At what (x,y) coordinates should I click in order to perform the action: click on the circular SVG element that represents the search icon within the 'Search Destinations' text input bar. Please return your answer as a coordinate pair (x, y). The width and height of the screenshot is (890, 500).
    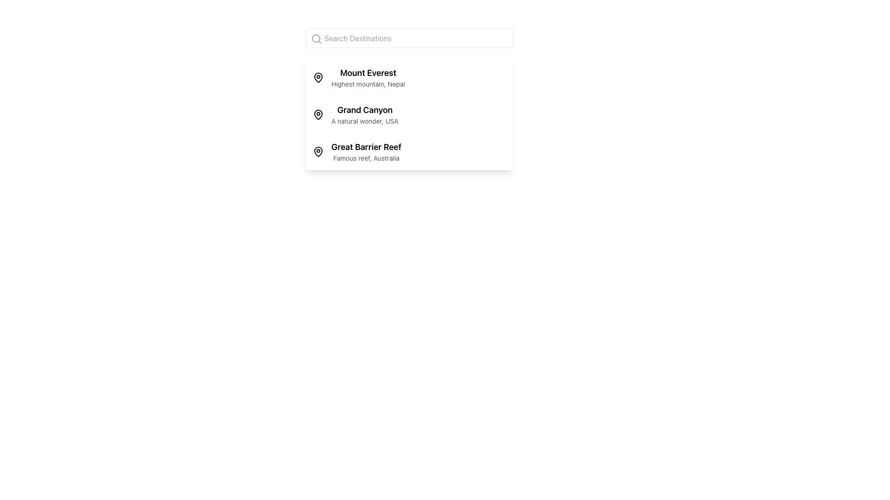
    Looking at the image, I should click on (316, 38).